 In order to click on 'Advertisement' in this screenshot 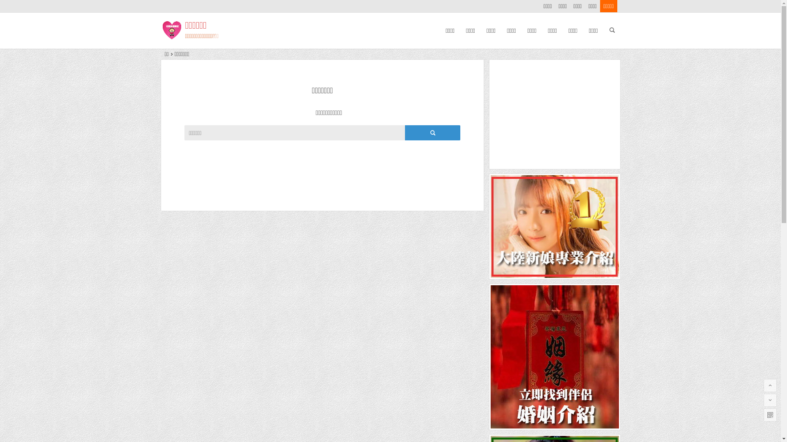, I will do `click(555, 114)`.